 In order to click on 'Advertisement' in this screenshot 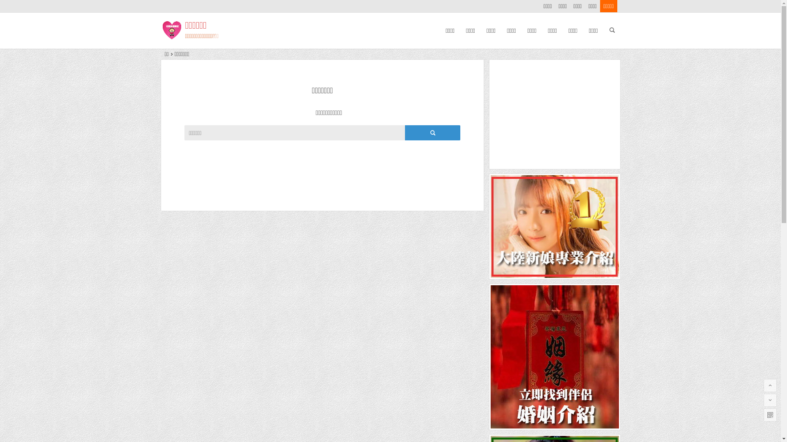, I will do `click(555, 114)`.